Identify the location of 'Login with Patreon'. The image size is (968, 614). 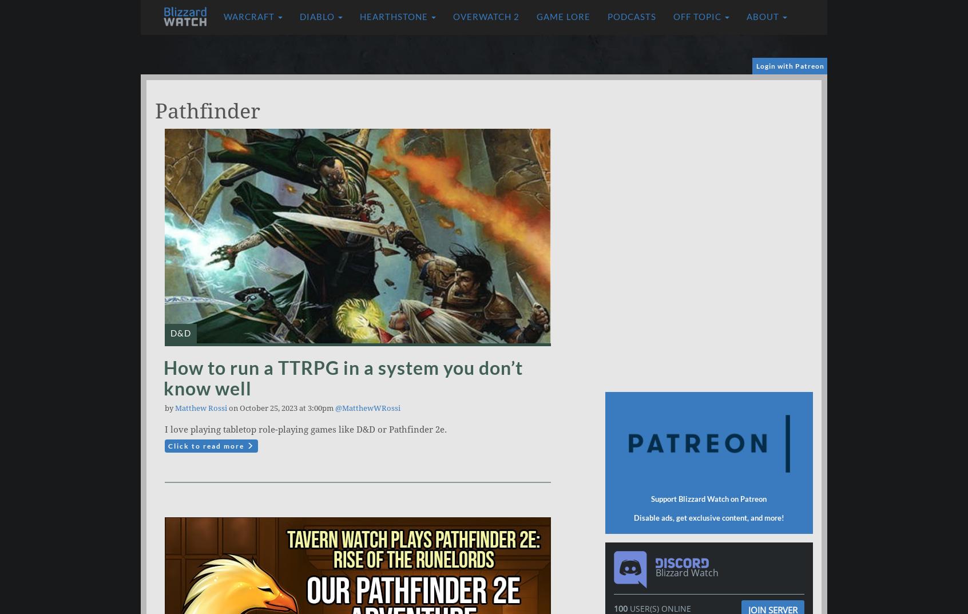
(755, 66).